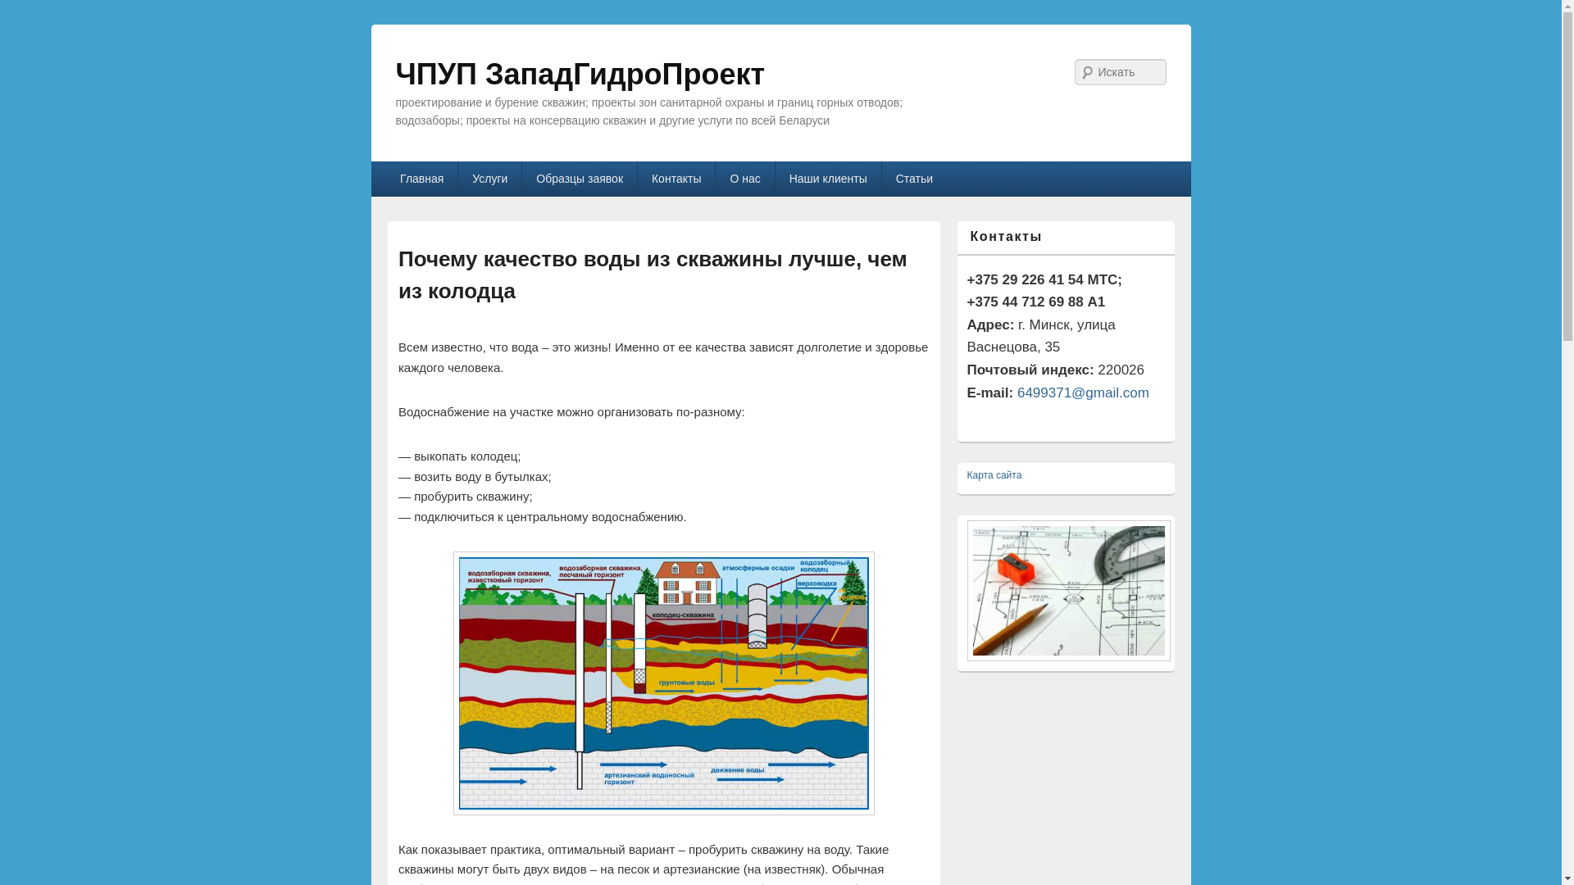  Describe the element at coordinates (1083, 393) in the screenshot. I see `'6499371@gmail.com'` at that location.